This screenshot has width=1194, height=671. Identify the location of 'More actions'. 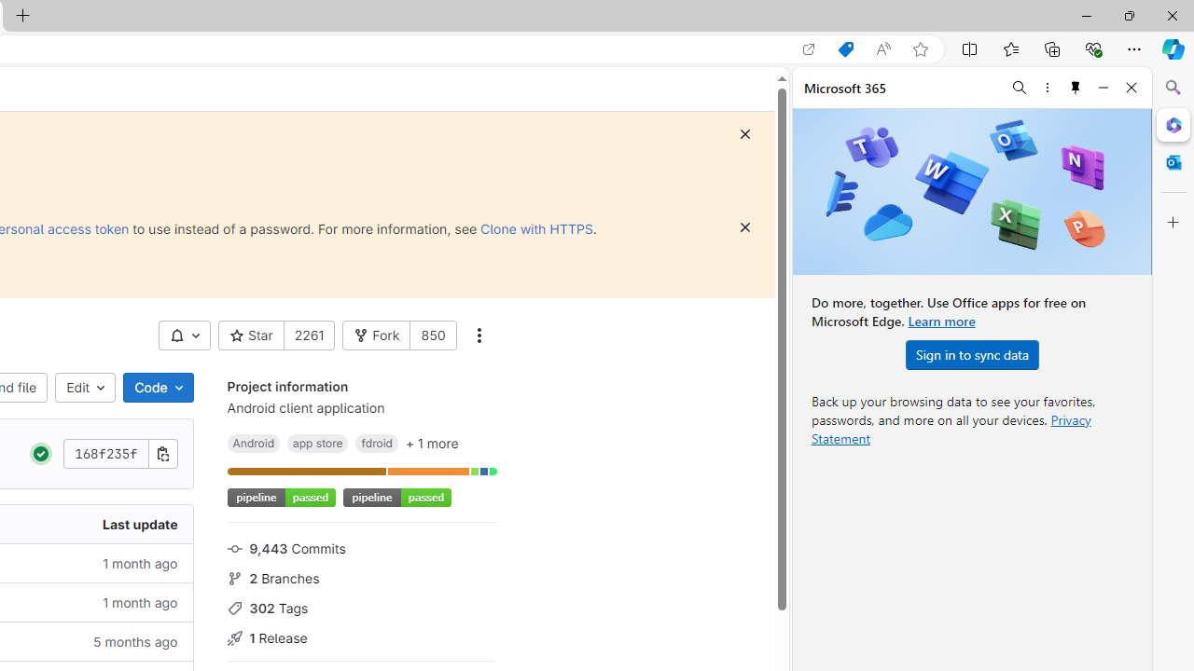
(479, 335).